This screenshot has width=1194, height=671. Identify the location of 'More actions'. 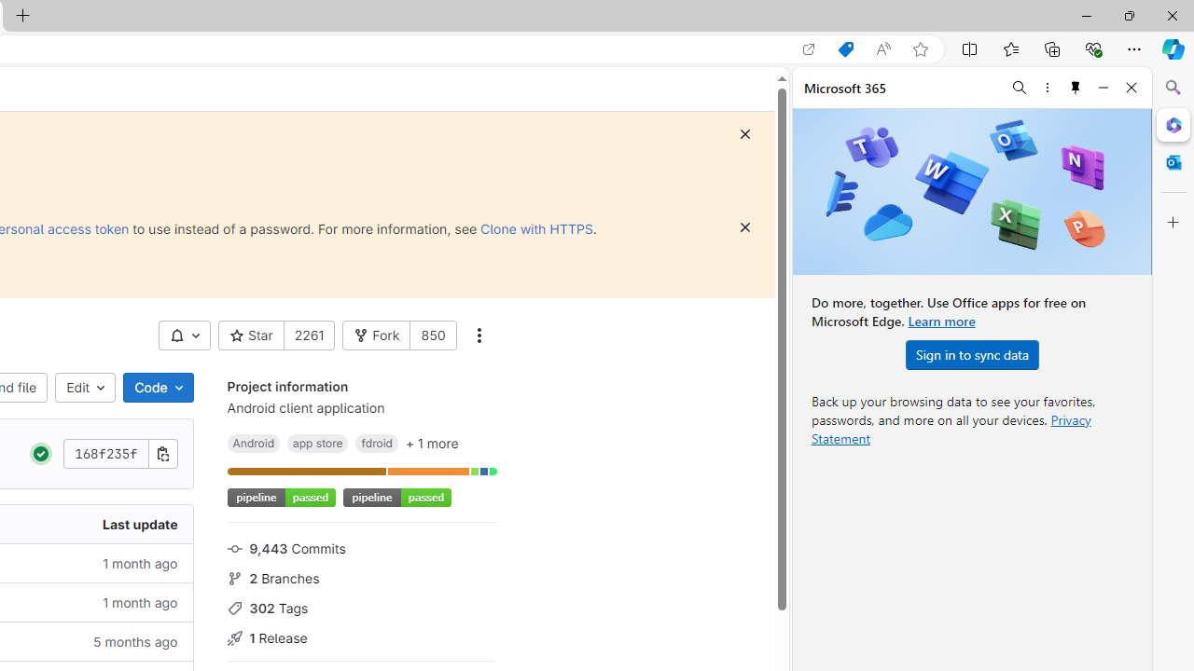
(479, 335).